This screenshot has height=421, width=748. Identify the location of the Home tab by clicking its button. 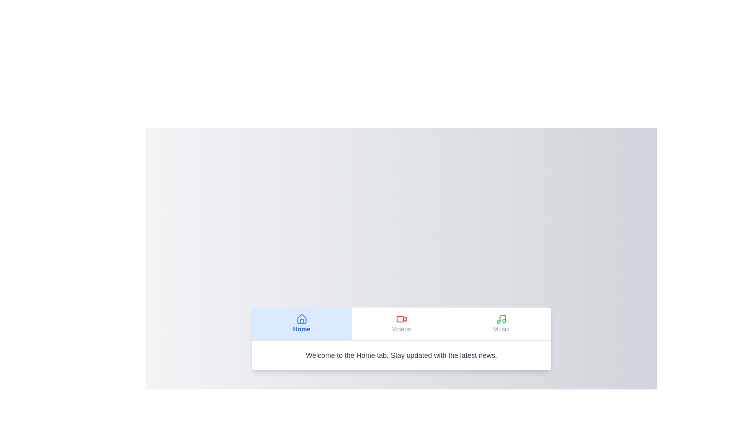
(301, 324).